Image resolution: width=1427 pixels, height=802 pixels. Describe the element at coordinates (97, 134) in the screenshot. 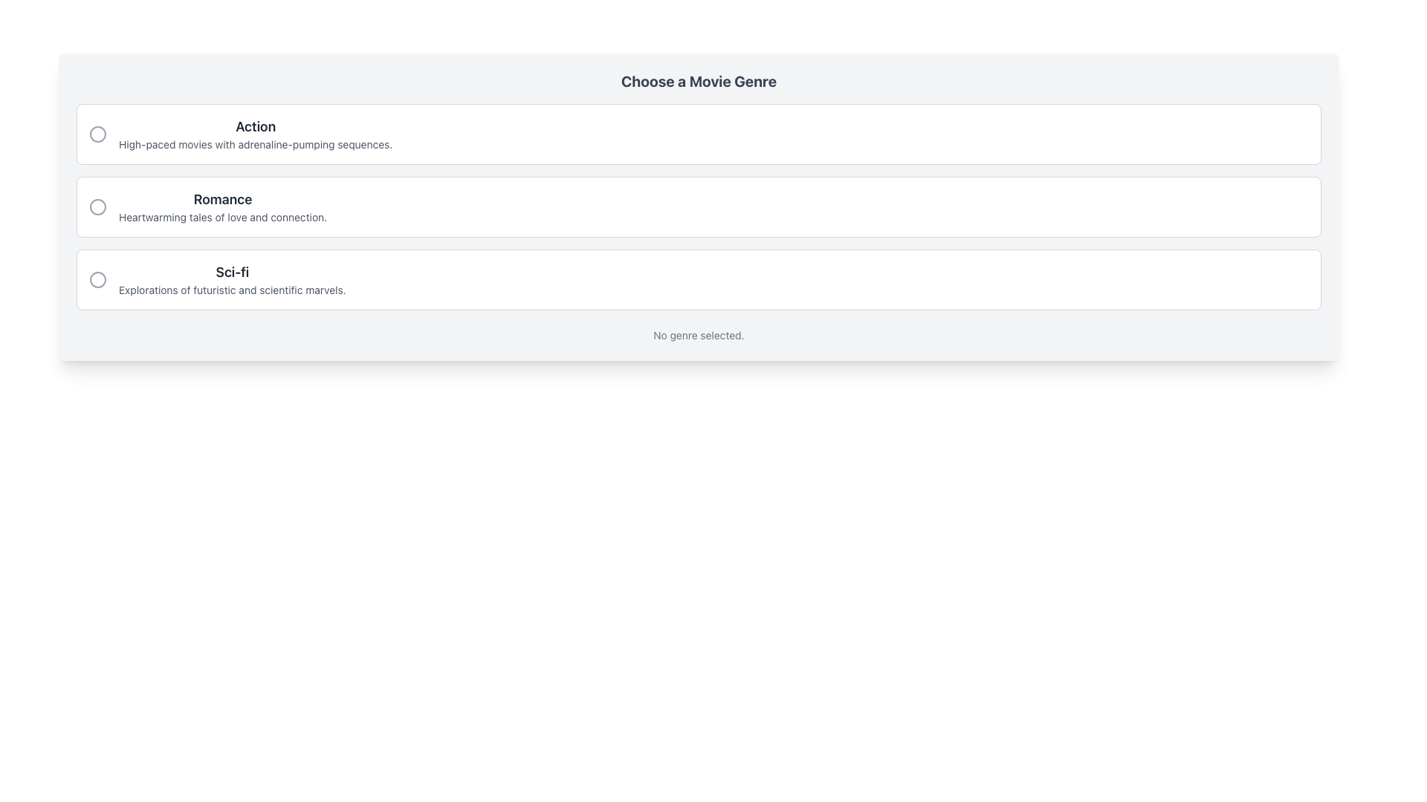

I see `the inner part of the visual indicator for the selected option in the radio list, located within the circle icon to the left of the 'Action' option` at that location.